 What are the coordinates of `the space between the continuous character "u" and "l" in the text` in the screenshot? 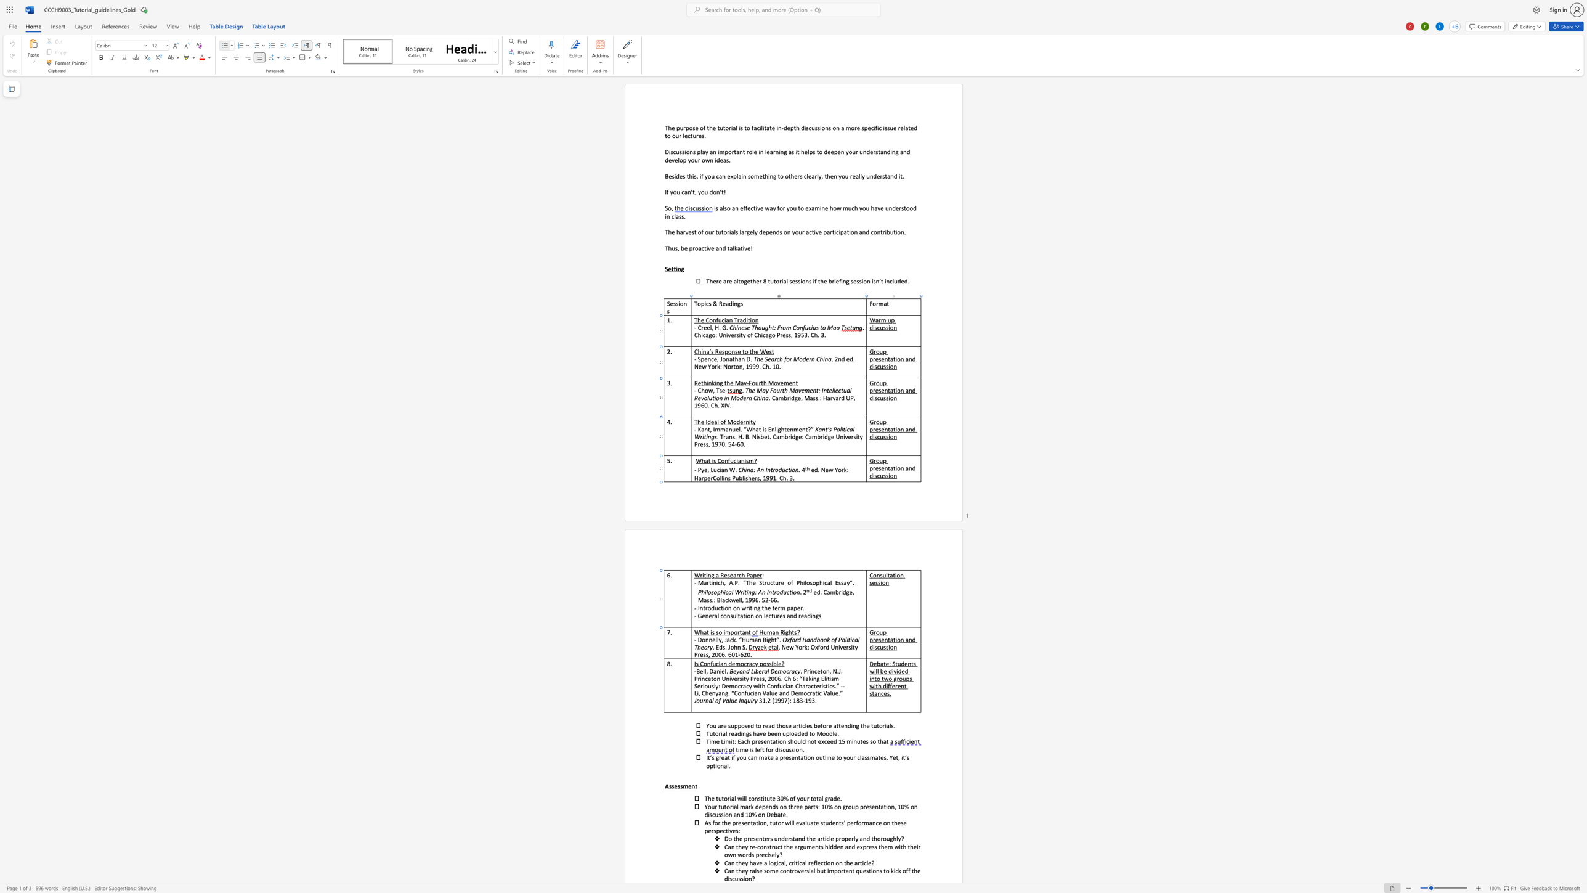 It's located at (735, 615).